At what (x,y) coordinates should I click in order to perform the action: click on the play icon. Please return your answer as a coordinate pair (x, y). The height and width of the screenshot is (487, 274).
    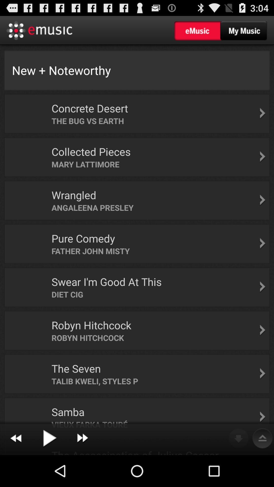
    Looking at the image, I should click on (49, 469).